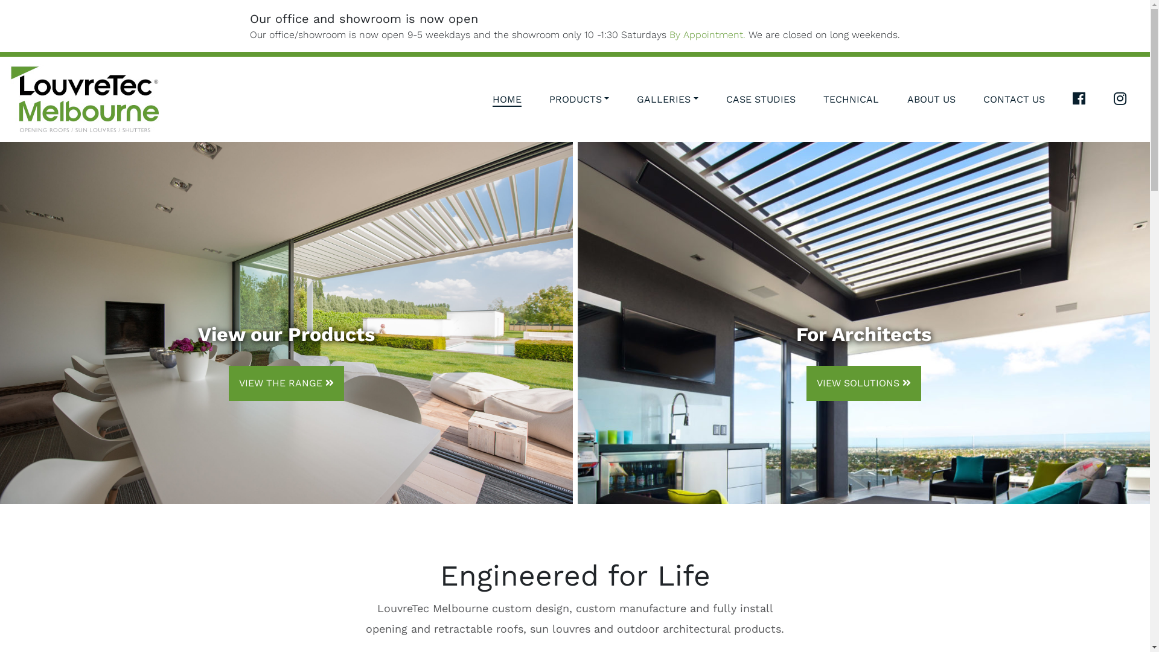 The image size is (1159, 652). What do you see at coordinates (578, 98) in the screenshot?
I see `'PRODUCTS'` at bounding box center [578, 98].